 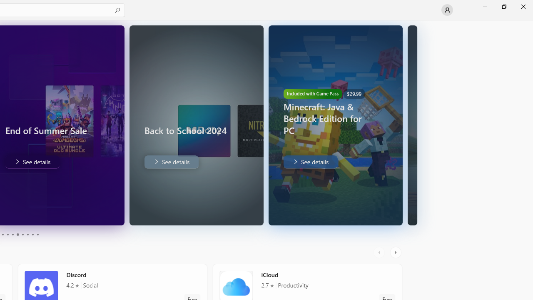 What do you see at coordinates (396, 252) in the screenshot?
I see `'AutomationID: RightScrollButton'` at bounding box center [396, 252].